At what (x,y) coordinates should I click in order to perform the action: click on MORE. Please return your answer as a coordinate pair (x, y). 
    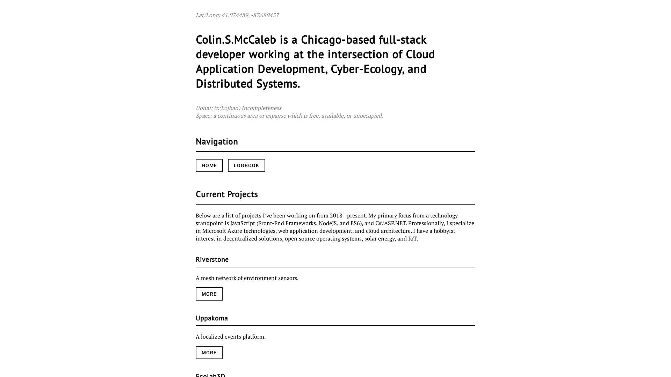
    Looking at the image, I should click on (209, 294).